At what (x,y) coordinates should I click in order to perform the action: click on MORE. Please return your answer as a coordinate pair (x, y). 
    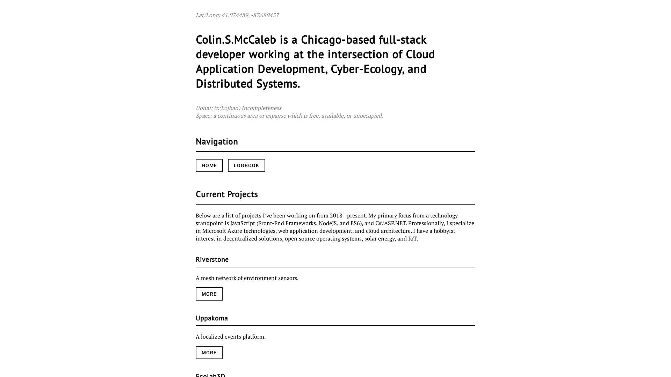
    Looking at the image, I should click on (209, 294).